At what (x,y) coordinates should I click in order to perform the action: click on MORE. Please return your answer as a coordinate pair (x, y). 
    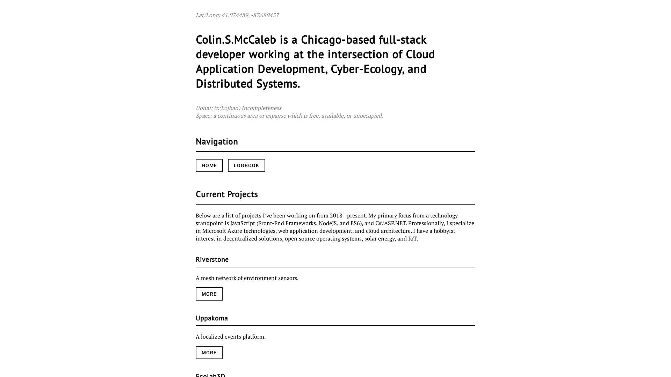
    Looking at the image, I should click on (209, 294).